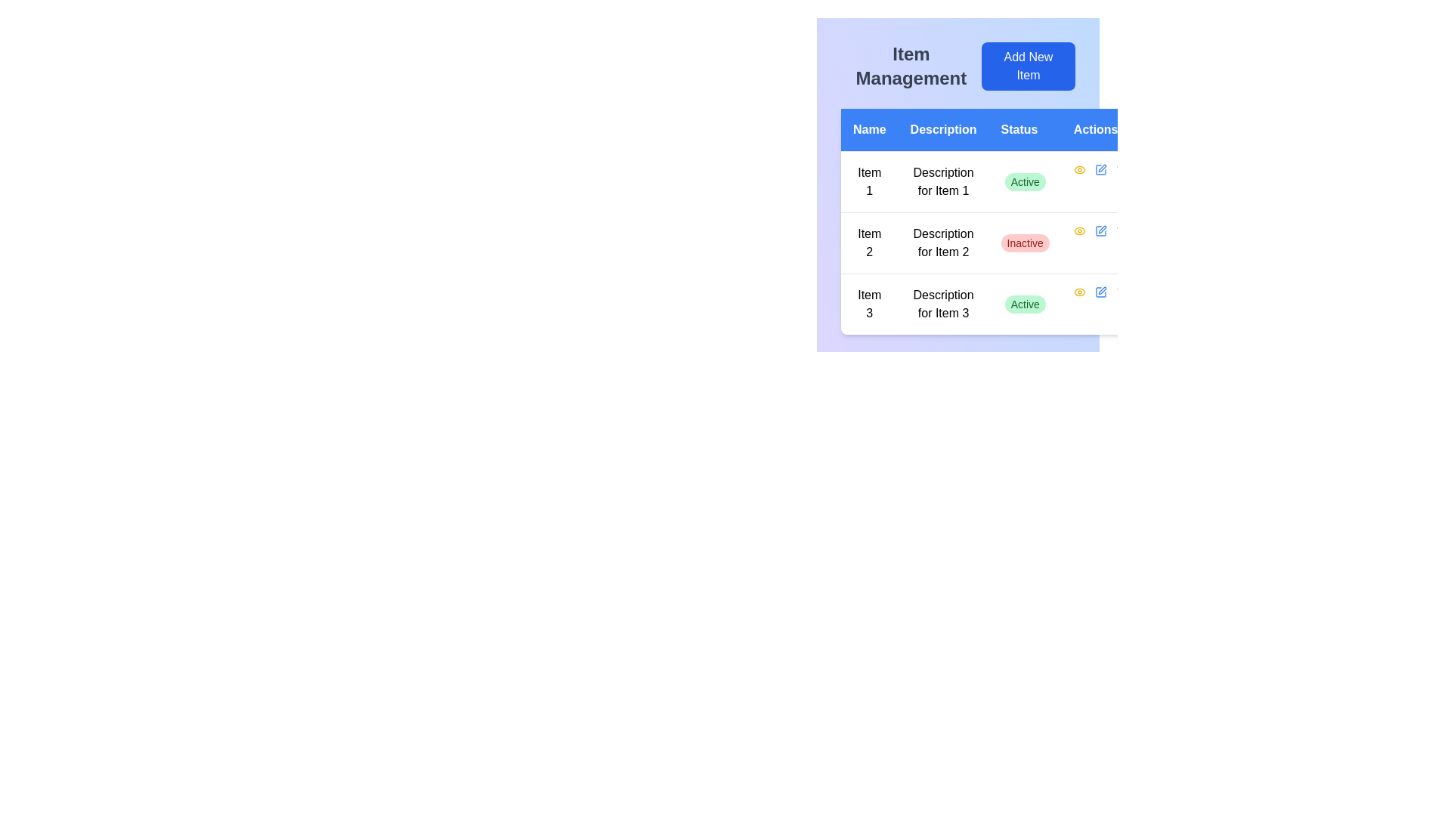 The height and width of the screenshot is (816, 1451). Describe the element at coordinates (1100, 230) in the screenshot. I see `the edit icon in the Actions column of the second row to initiate editing Item 2` at that location.